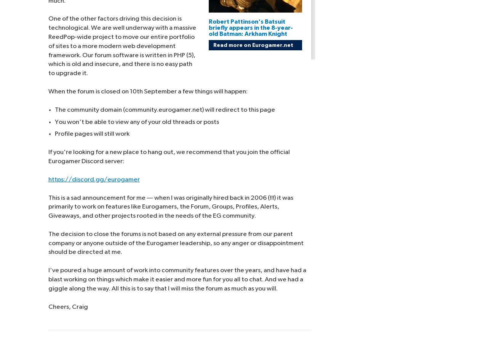  Describe the element at coordinates (411, 23) in the screenshot. I see `'VG247'` at that location.